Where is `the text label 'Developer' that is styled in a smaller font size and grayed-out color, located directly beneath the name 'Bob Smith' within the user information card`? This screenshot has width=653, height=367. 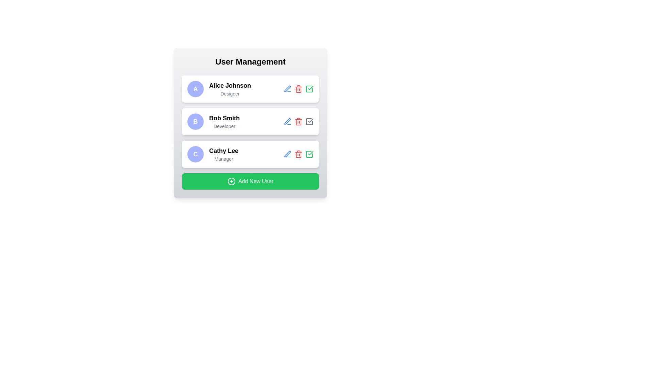 the text label 'Developer' that is styled in a smaller font size and grayed-out color, located directly beneath the name 'Bob Smith' within the user information card is located at coordinates (224, 126).